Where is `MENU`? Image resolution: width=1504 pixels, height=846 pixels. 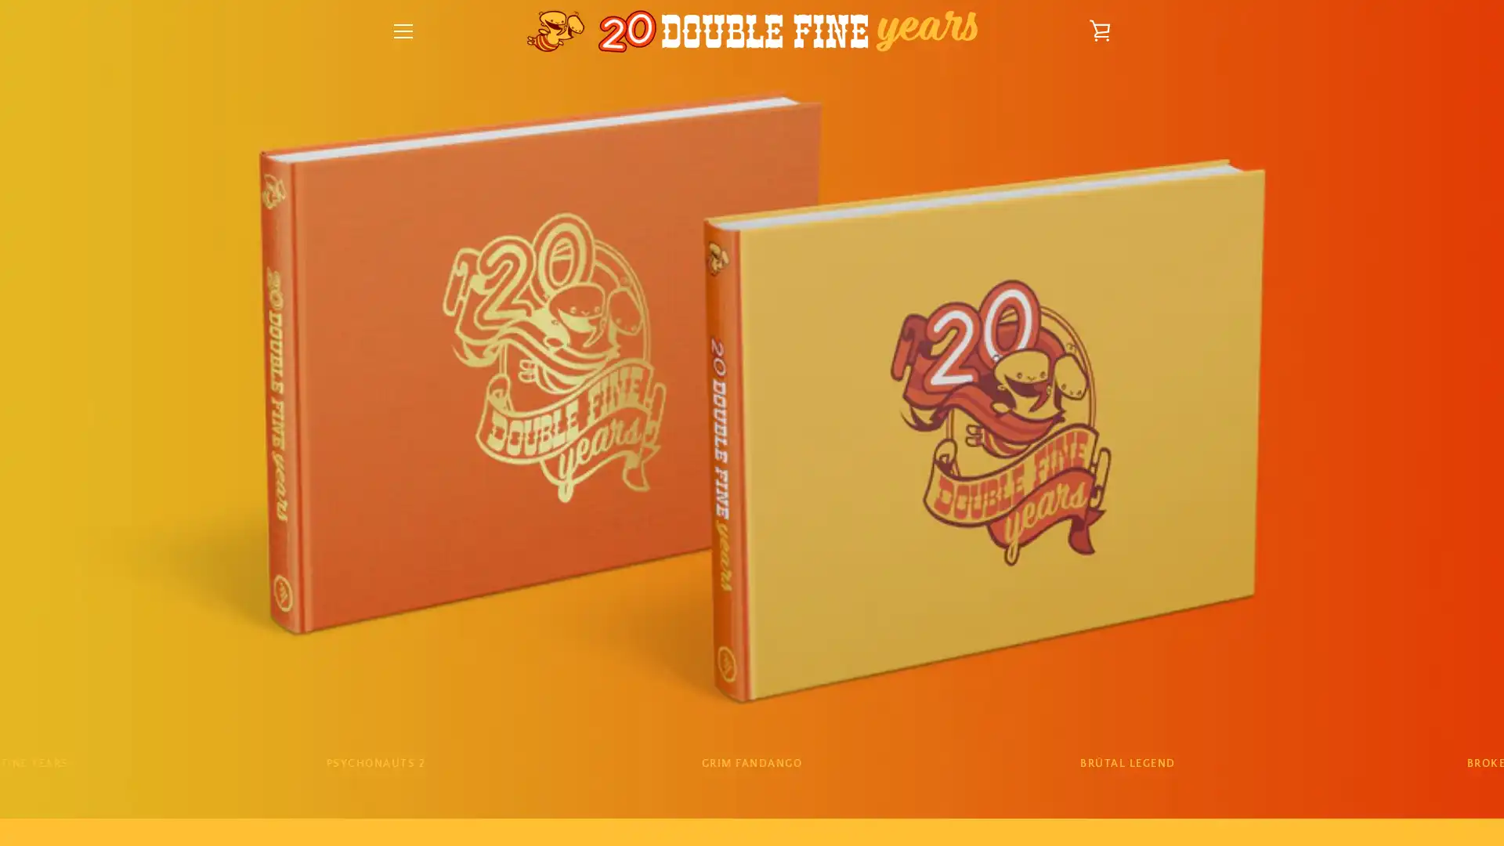 MENU is located at coordinates (403, 31).